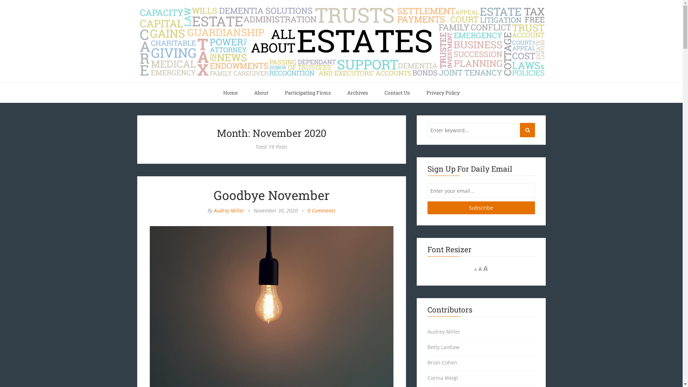  I want to click on 'Participating Firms', so click(308, 92).